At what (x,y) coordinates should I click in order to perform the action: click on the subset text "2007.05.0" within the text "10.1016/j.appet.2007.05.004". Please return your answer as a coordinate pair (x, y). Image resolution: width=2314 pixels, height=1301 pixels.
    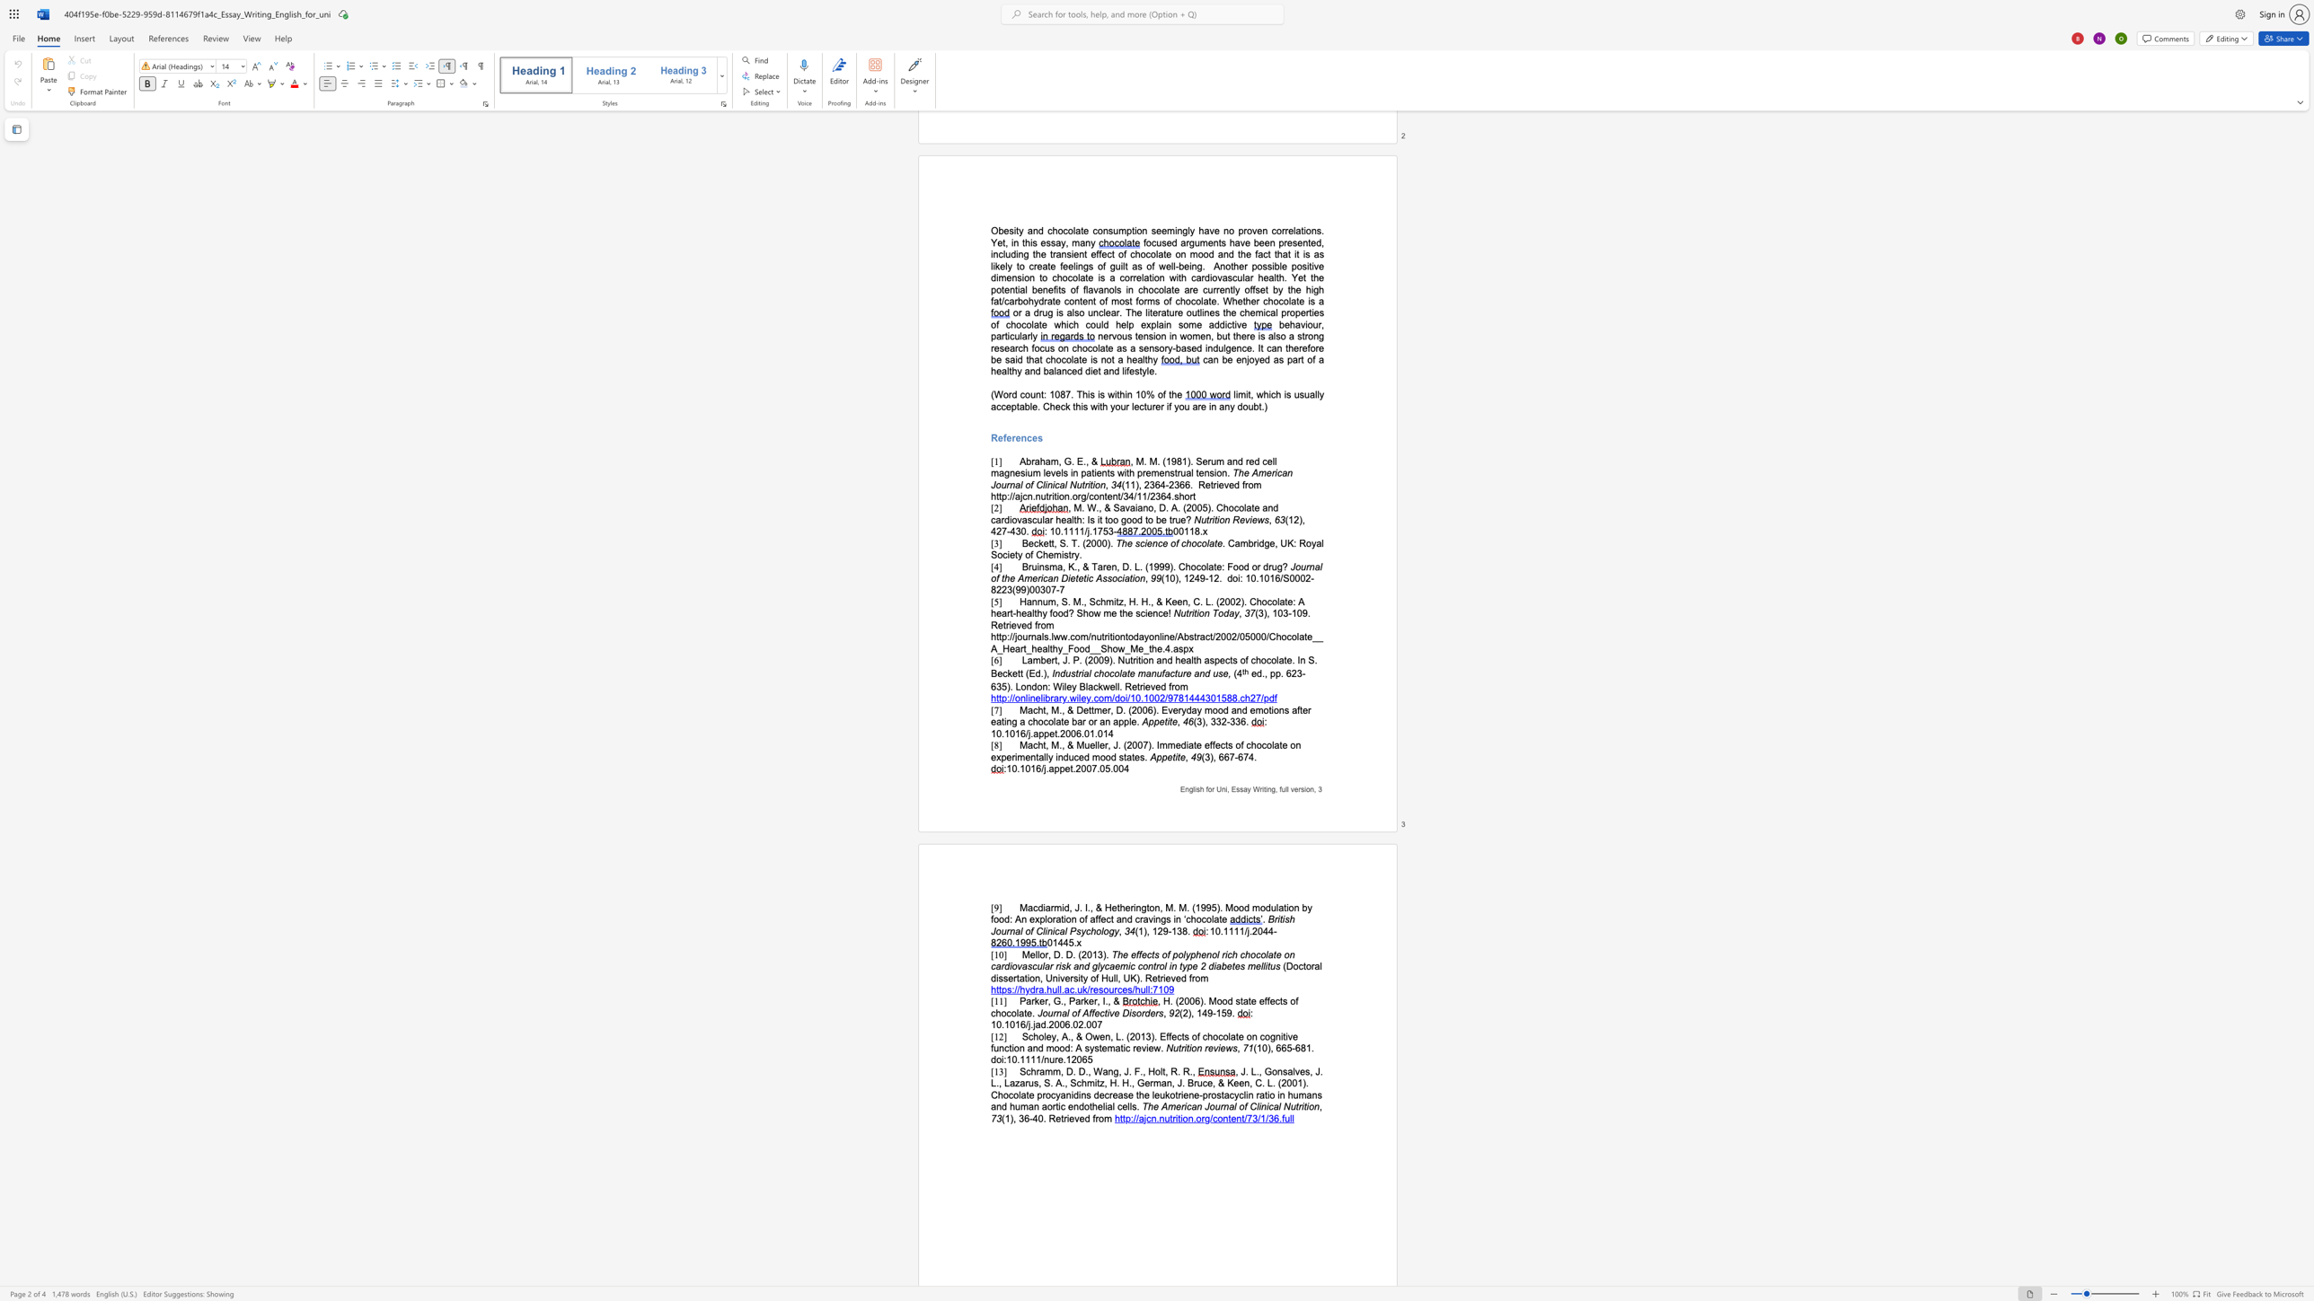
    Looking at the image, I should click on (1075, 768).